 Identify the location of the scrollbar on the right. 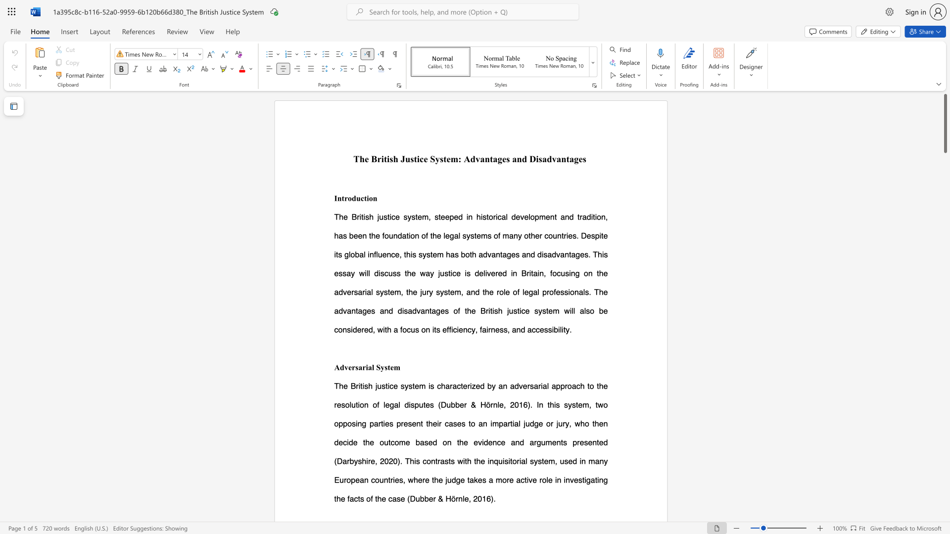
(945, 301).